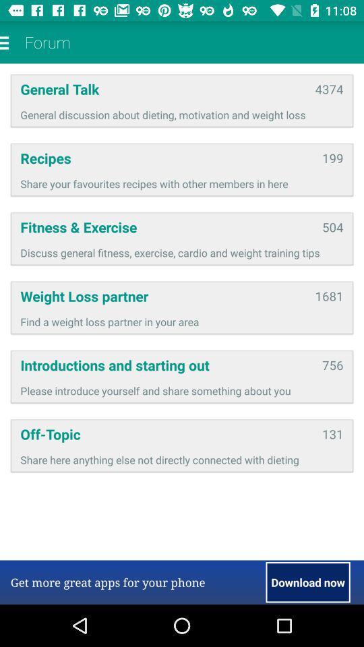 This screenshot has width=364, height=647. Describe the element at coordinates (182, 114) in the screenshot. I see `general discussion about icon` at that location.